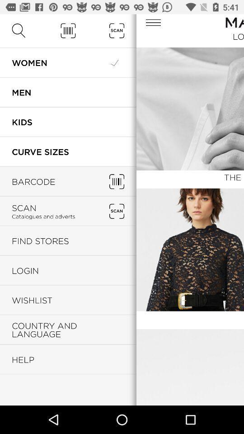 The width and height of the screenshot is (244, 434). What do you see at coordinates (117, 181) in the screenshot?
I see `the barcode image right next to barcode` at bounding box center [117, 181].